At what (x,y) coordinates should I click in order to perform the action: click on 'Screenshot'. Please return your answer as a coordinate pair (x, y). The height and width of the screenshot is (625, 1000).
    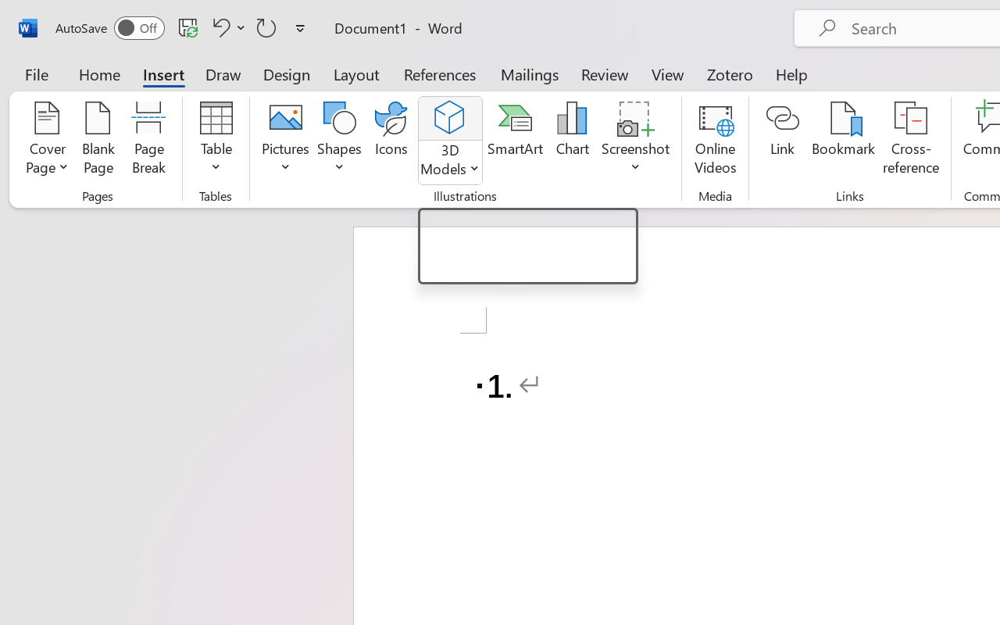
    Looking at the image, I should click on (636, 140).